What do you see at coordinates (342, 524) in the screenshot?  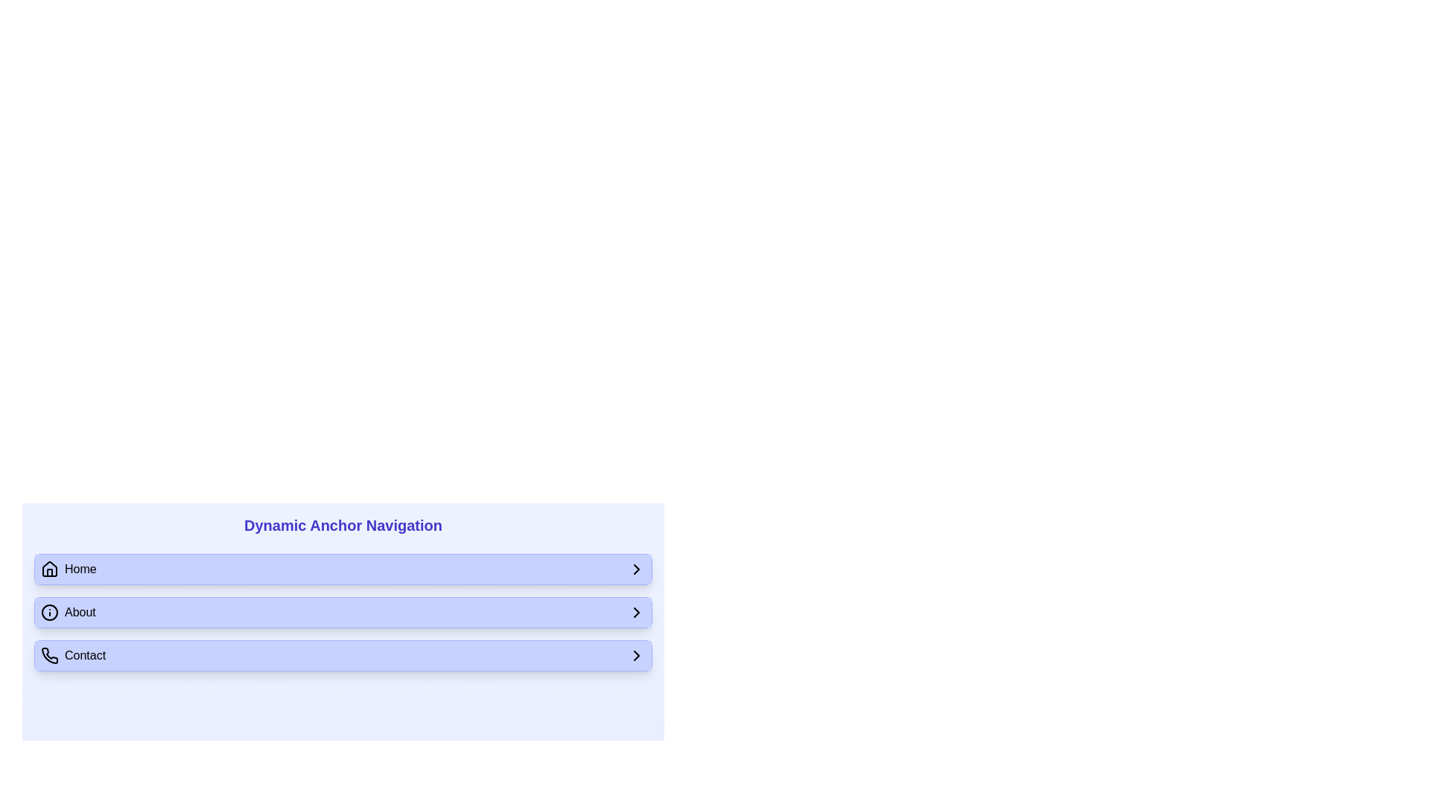 I see `the title text element that serves as a descriptor for the section, positioned above the menu options 'Home', 'About', and 'Contact'` at bounding box center [342, 524].